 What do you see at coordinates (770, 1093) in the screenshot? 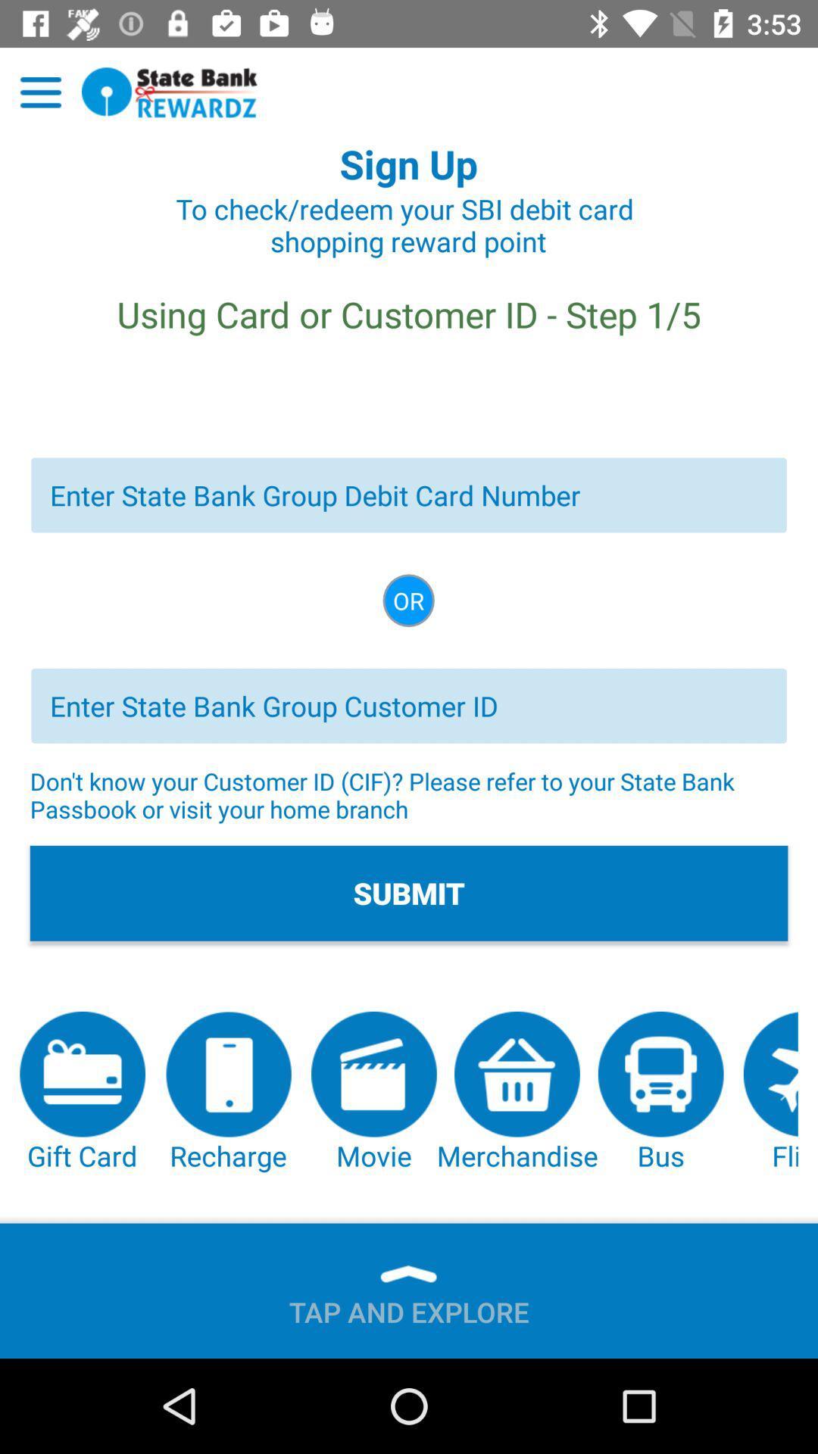
I see `item below the submit button` at bounding box center [770, 1093].